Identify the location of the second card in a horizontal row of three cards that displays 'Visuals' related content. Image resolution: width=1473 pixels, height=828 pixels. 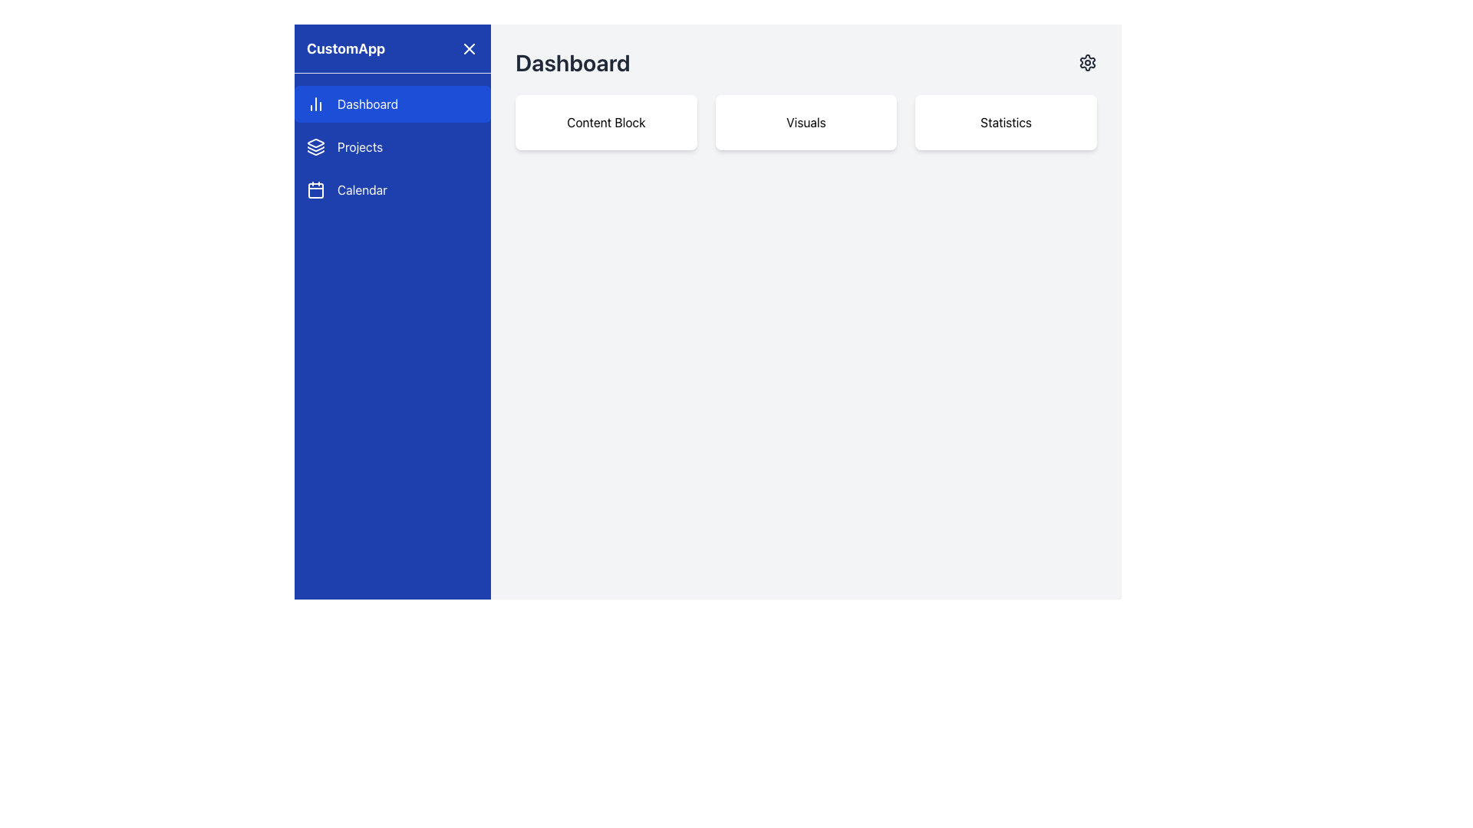
(806, 121).